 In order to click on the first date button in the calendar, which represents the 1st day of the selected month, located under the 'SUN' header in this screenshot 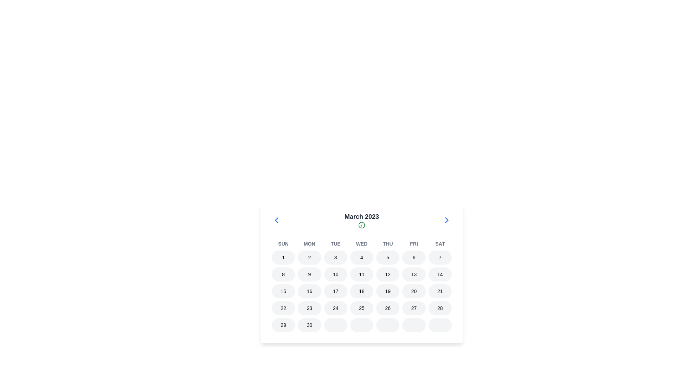, I will do `click(283, 258)`.